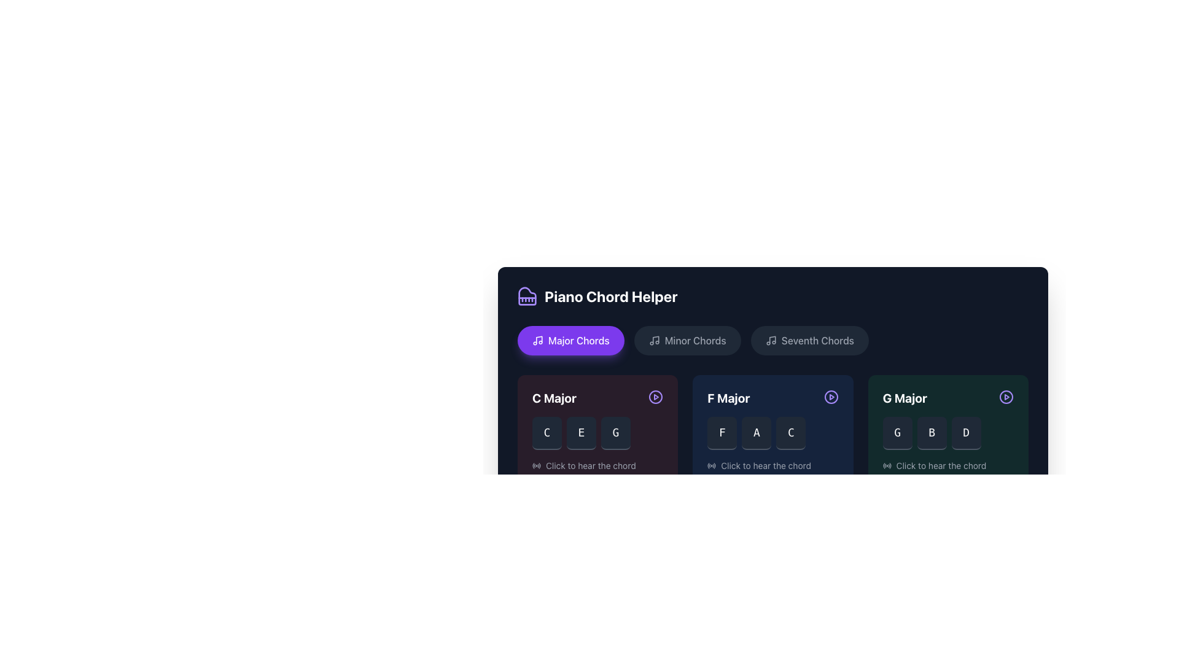 The width and height of the screenshot is (1179, 663). Describe the element at coordinates (887, 466) in the screenshot. I see `the small circular radio broadcast icon located to the left of the text 'Click to hear the chord'` at that location.